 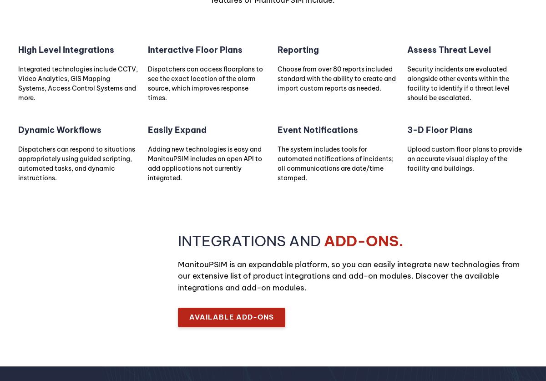 What do you see at coordinates (298, 50) in the screenshot?
I see `'Reporting'` at bounding box center [298, 50].